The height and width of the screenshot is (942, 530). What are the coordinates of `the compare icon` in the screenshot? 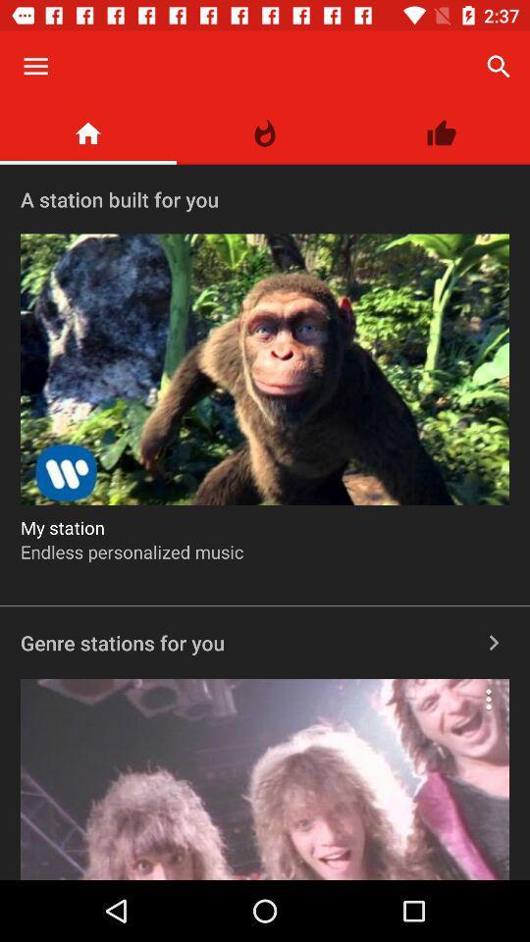 It's located at (265, 132).